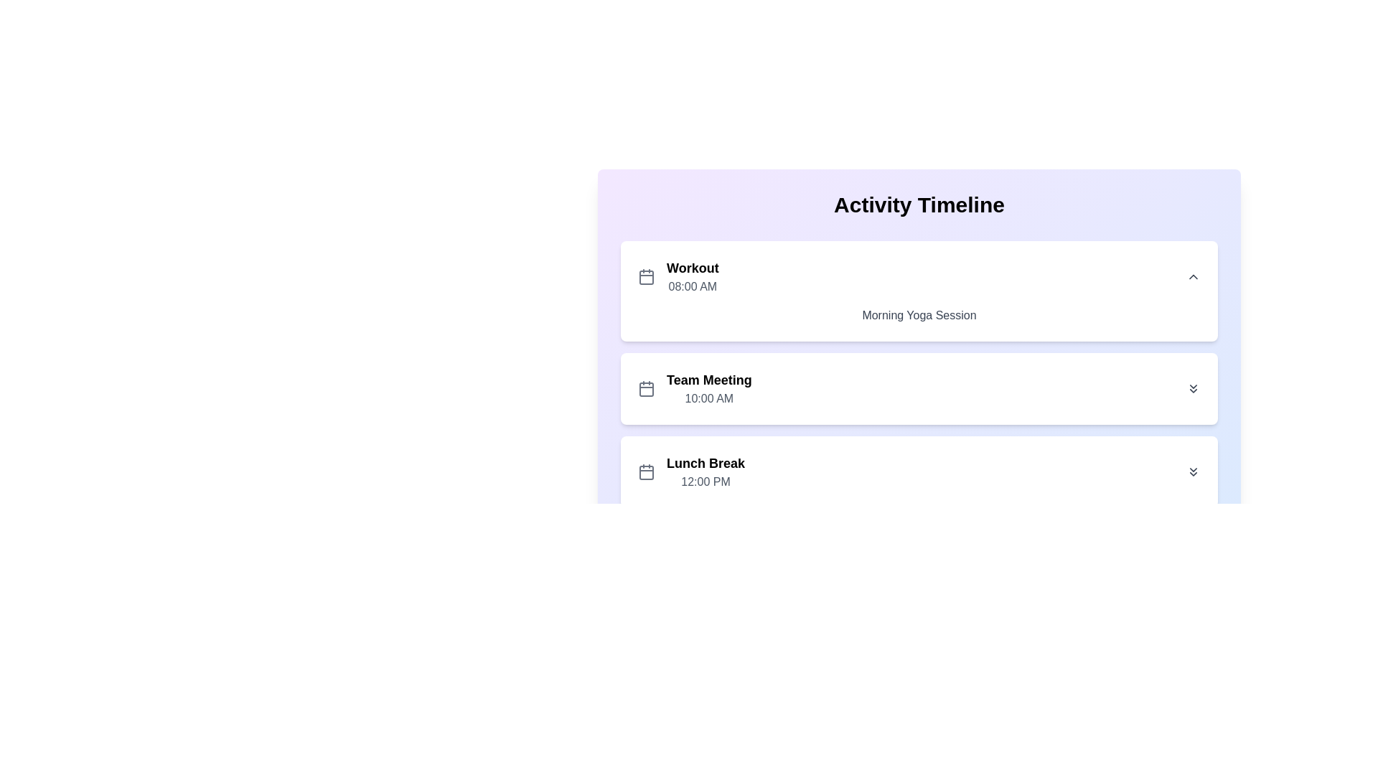  I want to click on the 'Workout' activity entry, so click(919, 276).